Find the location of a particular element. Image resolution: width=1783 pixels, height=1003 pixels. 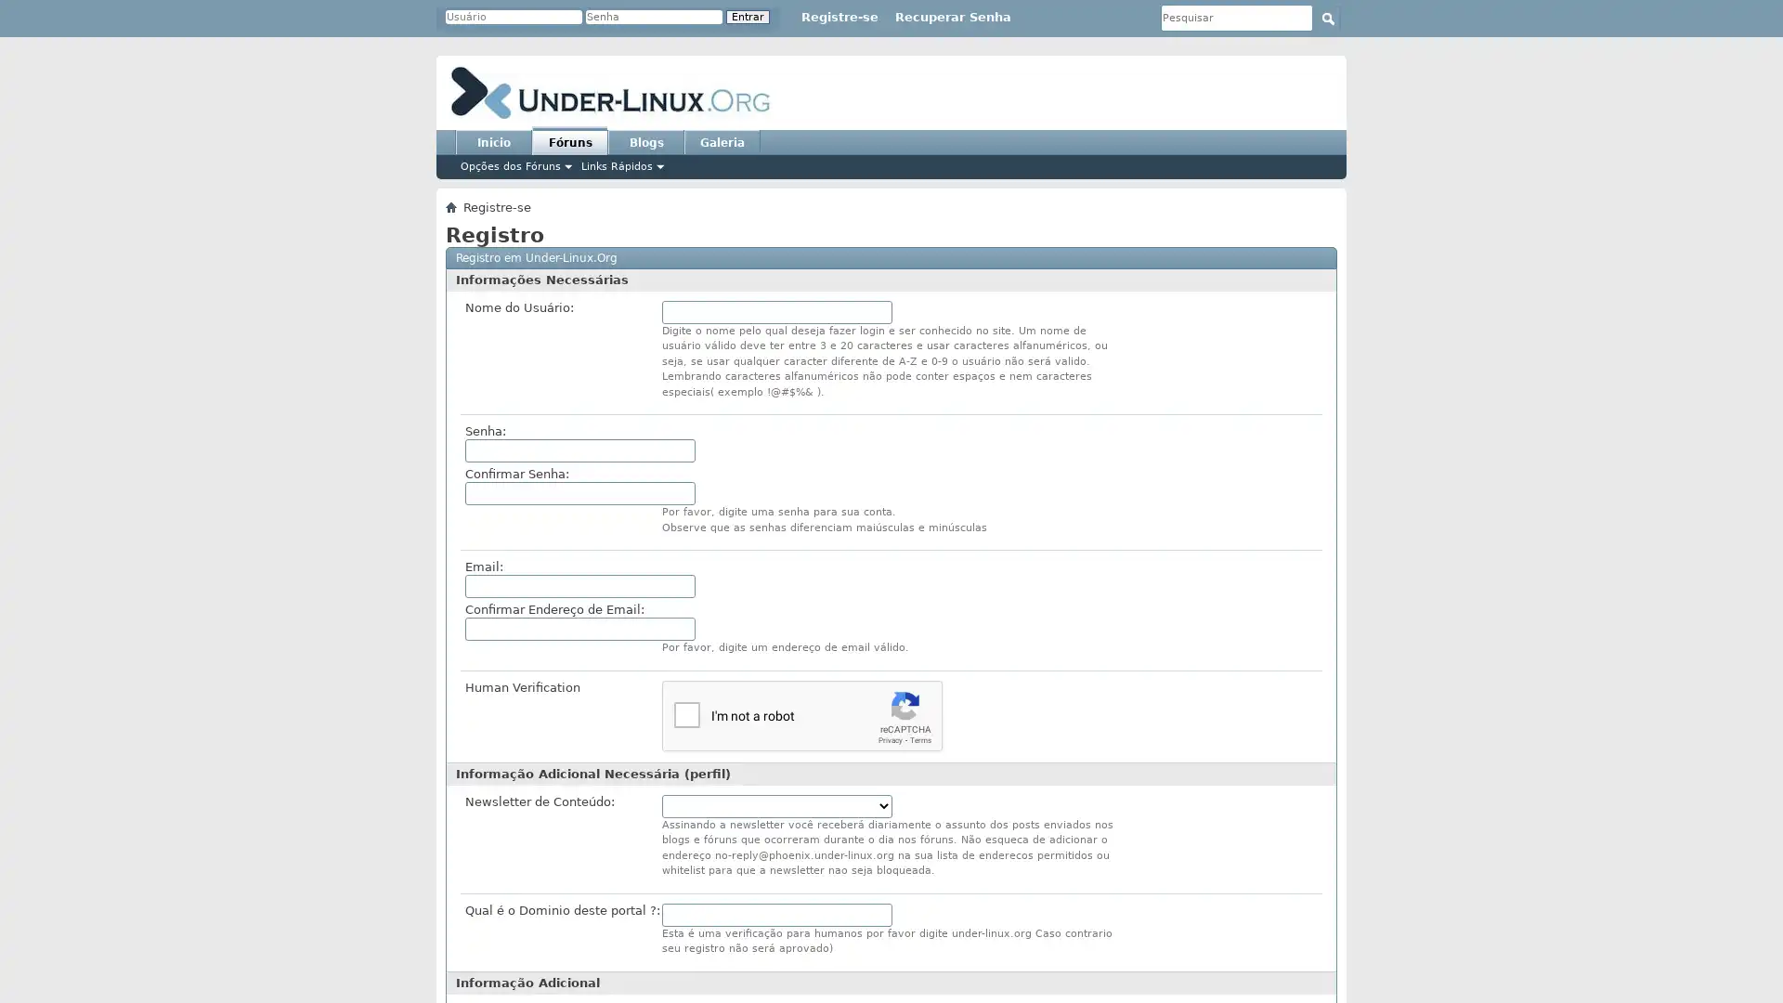

Entrar is located at coordinates (748, 17).